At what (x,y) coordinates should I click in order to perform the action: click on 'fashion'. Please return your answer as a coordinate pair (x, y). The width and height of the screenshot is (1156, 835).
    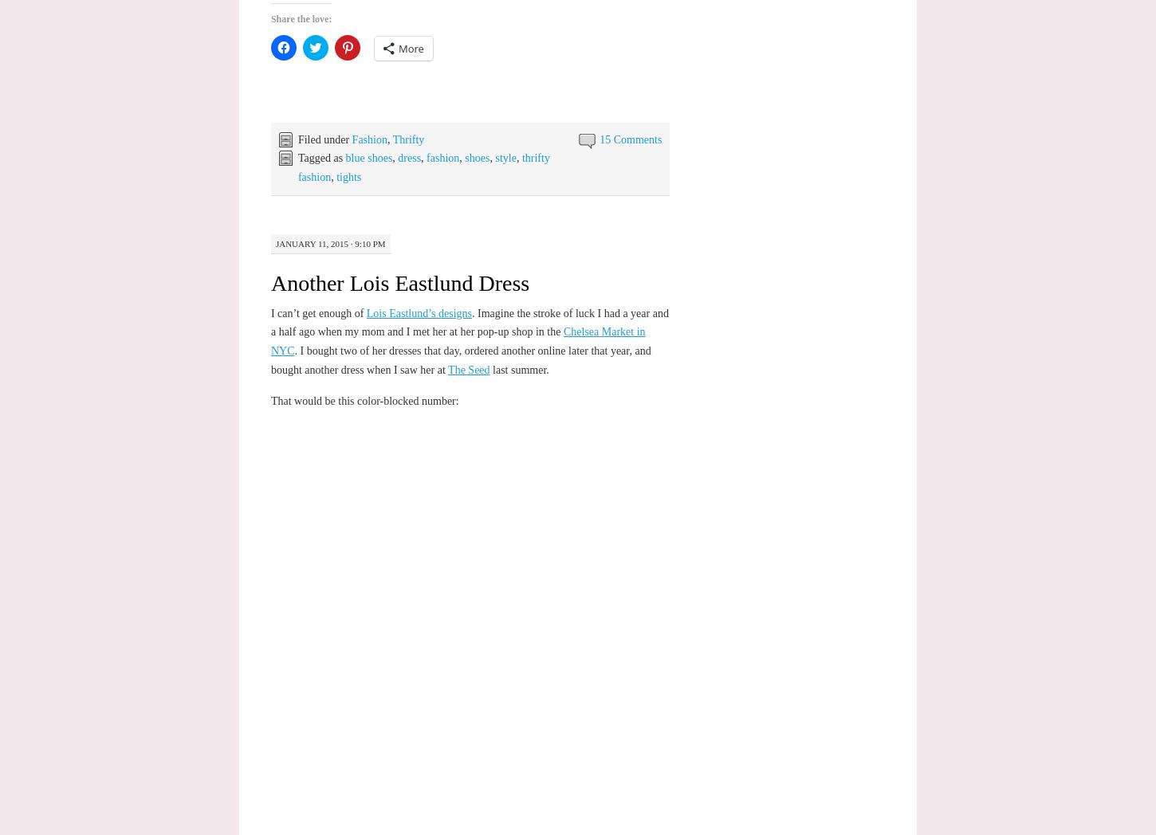
    Looking at the image, I should click on (427, 157).